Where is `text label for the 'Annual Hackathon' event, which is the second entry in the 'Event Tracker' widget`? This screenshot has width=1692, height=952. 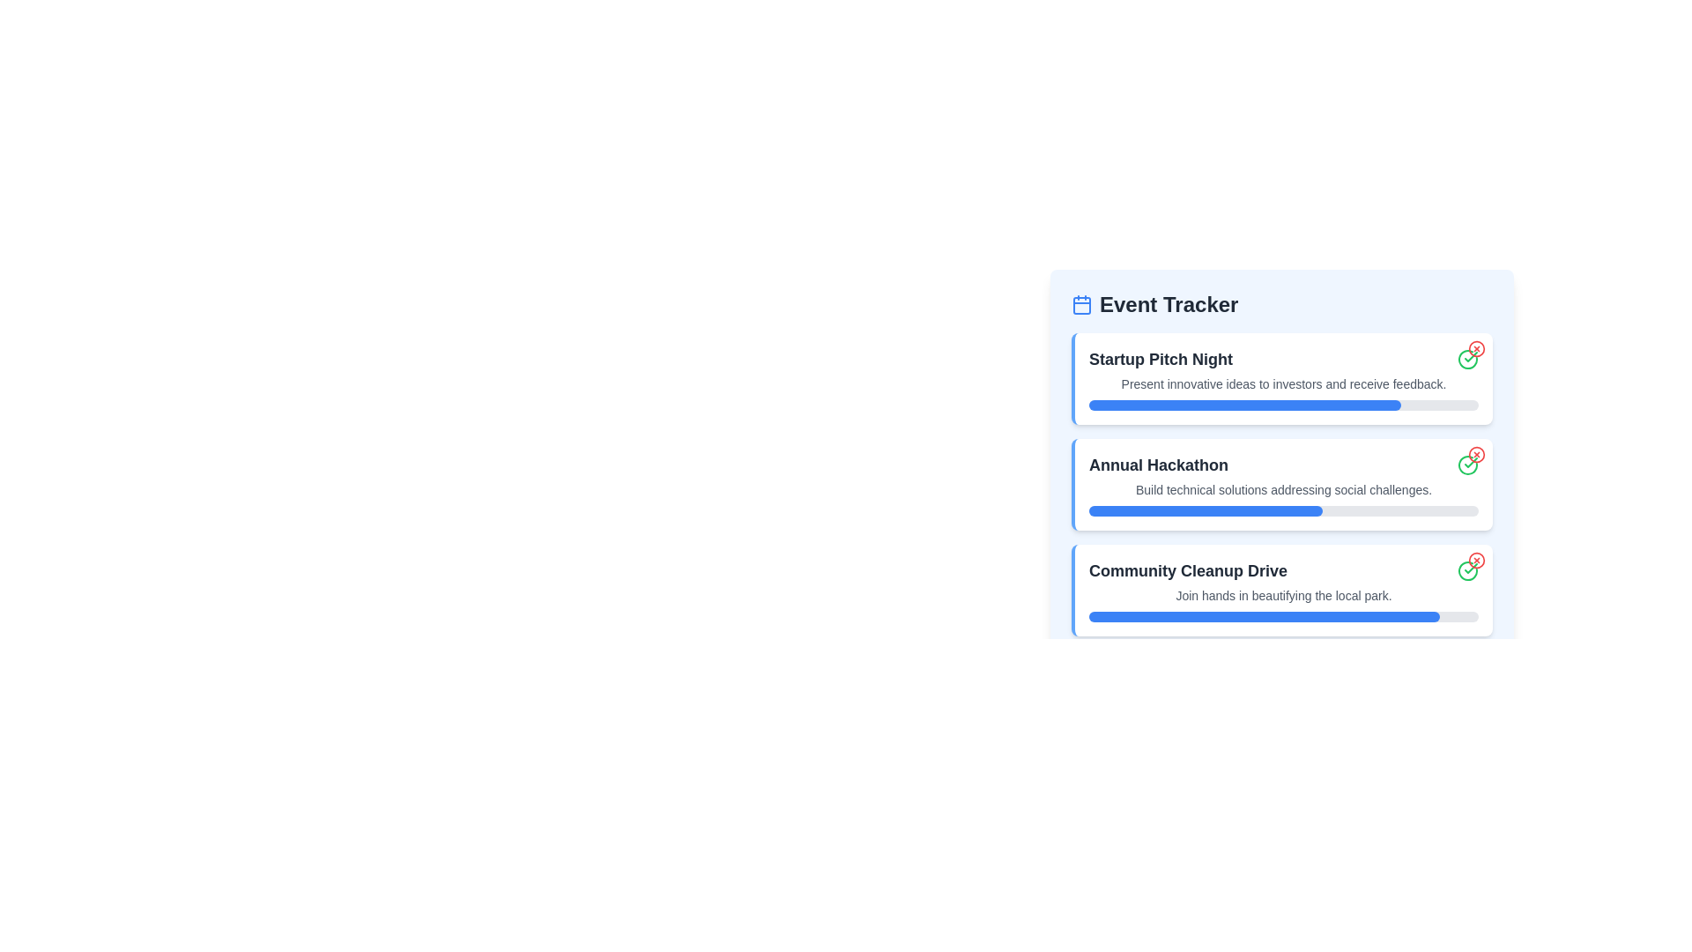 text label for the 'Annual Hackathon' event, which is the second entry in the 'Event Tracker' widget is located at coordinates (1159, 465).